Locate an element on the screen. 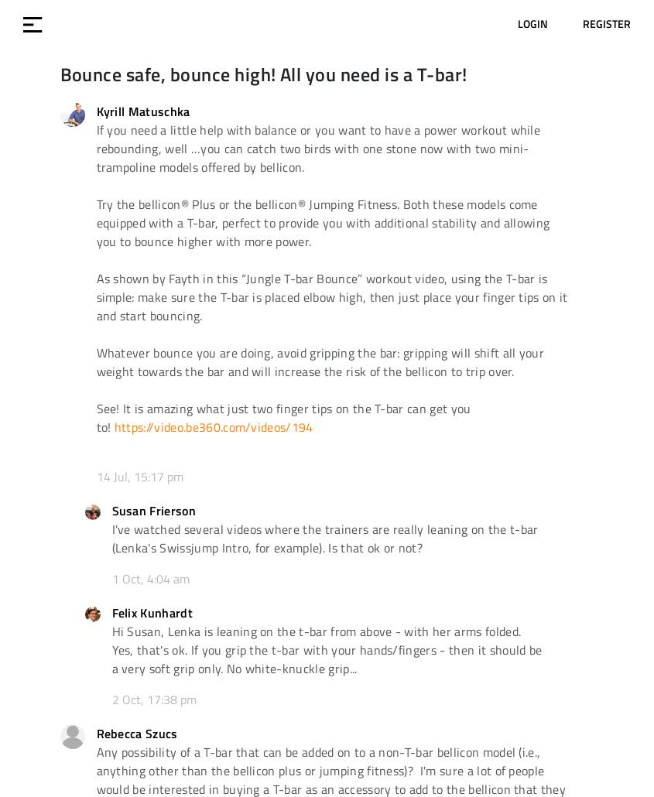 This screenshot has height=797, width=654. '14 Jul, 15:17 pm' is located at coordinates (95, 476).